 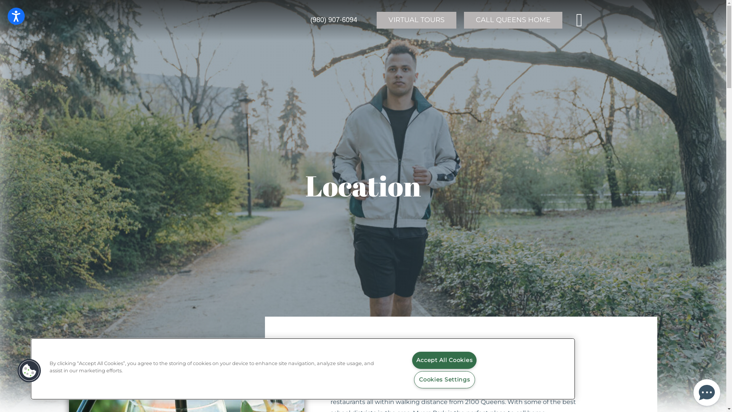 What do you see at coordinates (29, 370) in the screenshot?
I see `'Cookies Button'` at bounding box center [29, 370].